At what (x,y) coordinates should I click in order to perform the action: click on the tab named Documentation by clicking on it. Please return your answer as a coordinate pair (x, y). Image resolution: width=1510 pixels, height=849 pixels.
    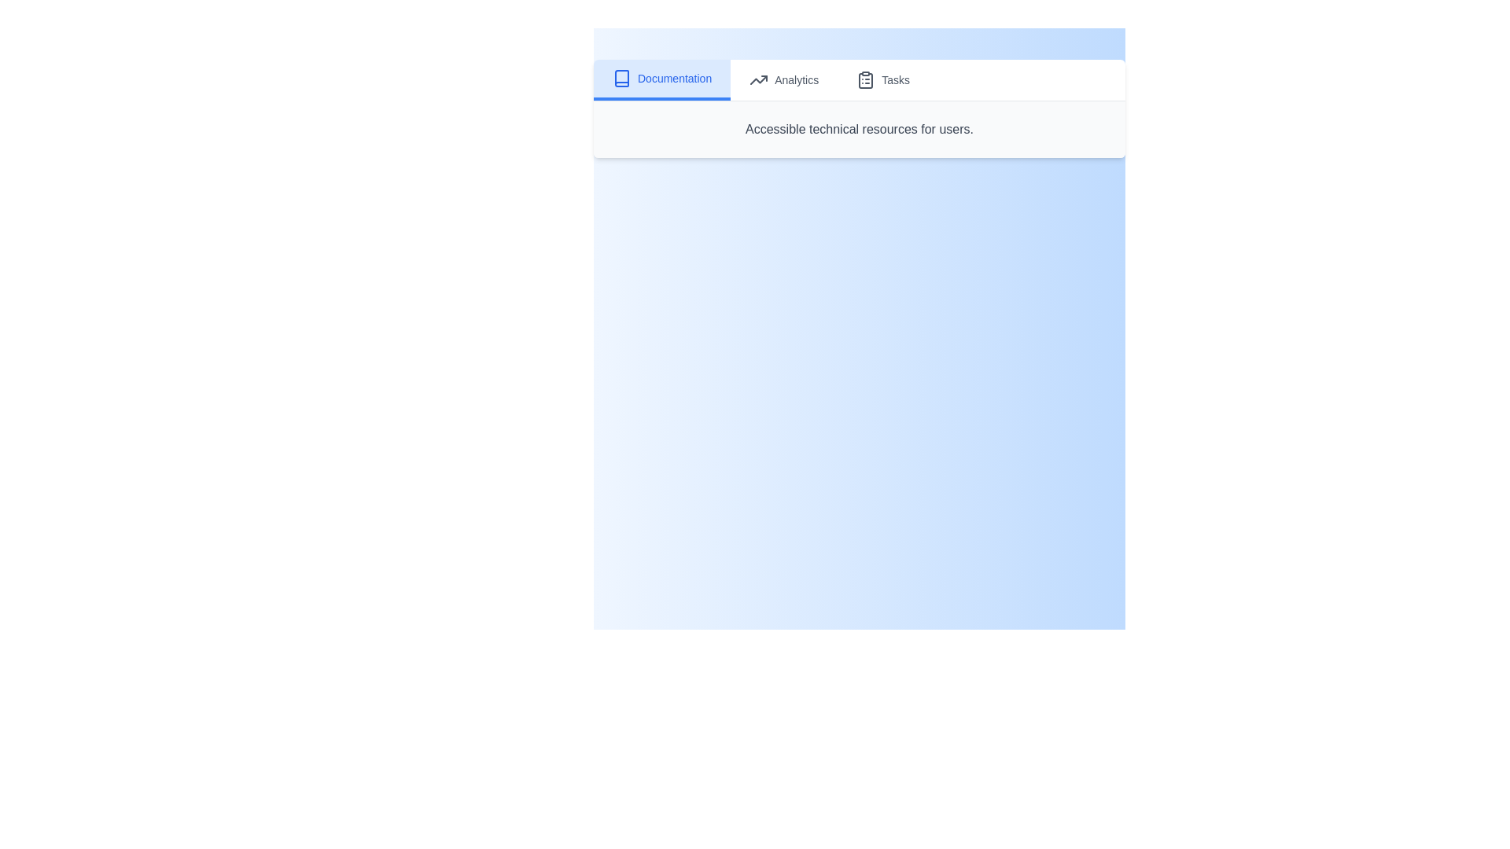
    Looking at the image, I should click on (661, 79).